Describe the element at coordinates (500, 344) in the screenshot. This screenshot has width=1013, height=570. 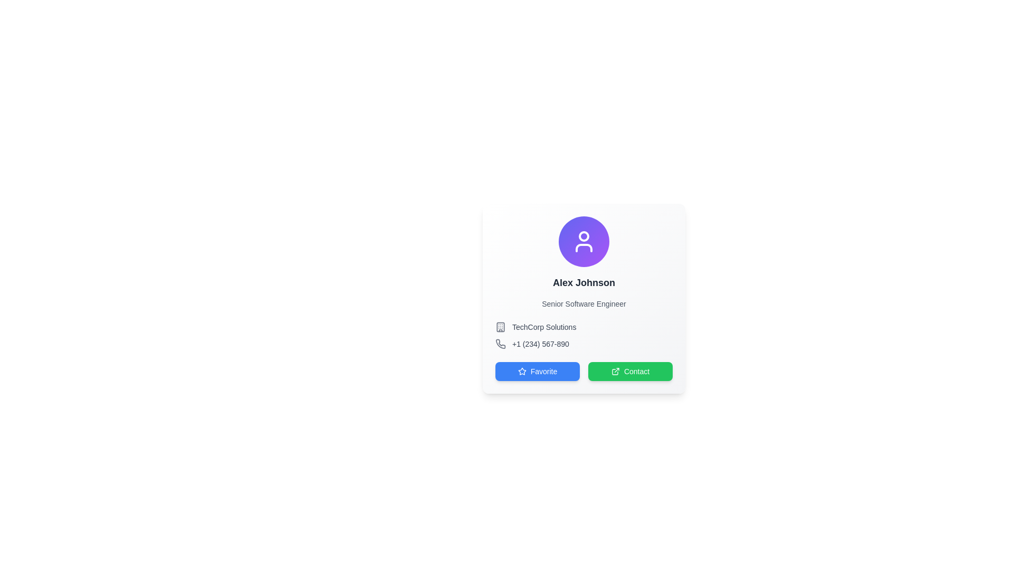
I see `the phone number icon located to the left of the phone number text '+1 (234) 567-890' in the contact card layout` at that location.